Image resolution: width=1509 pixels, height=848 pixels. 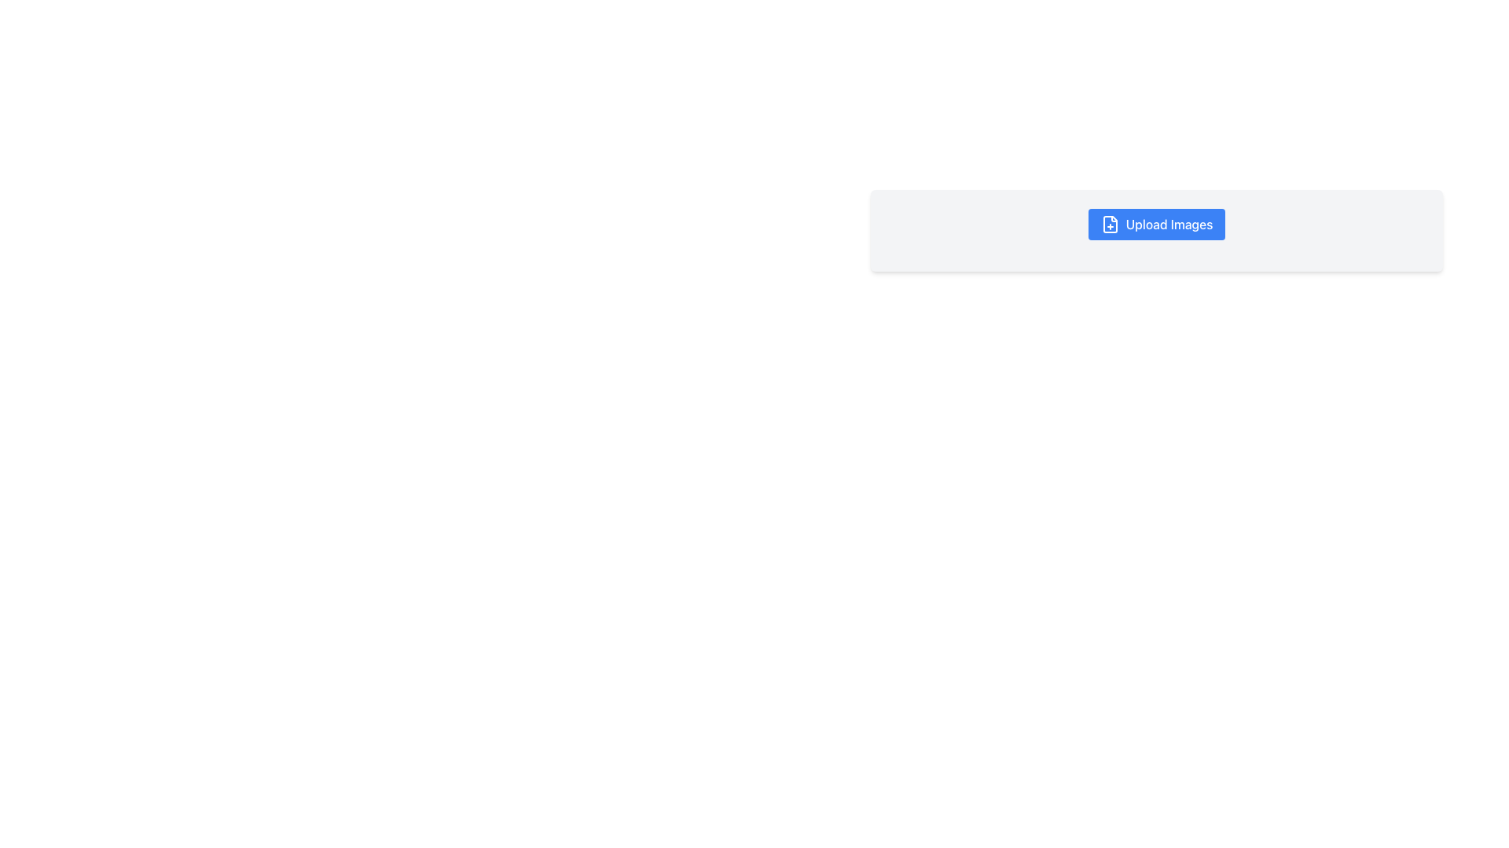 What do you see at coordinates (1109, 224) in the screenshot?
I see `the blue button labeled 'Upload Images' which contains a file icon with a plus sign on its left` at bounding box center [1109, 224].